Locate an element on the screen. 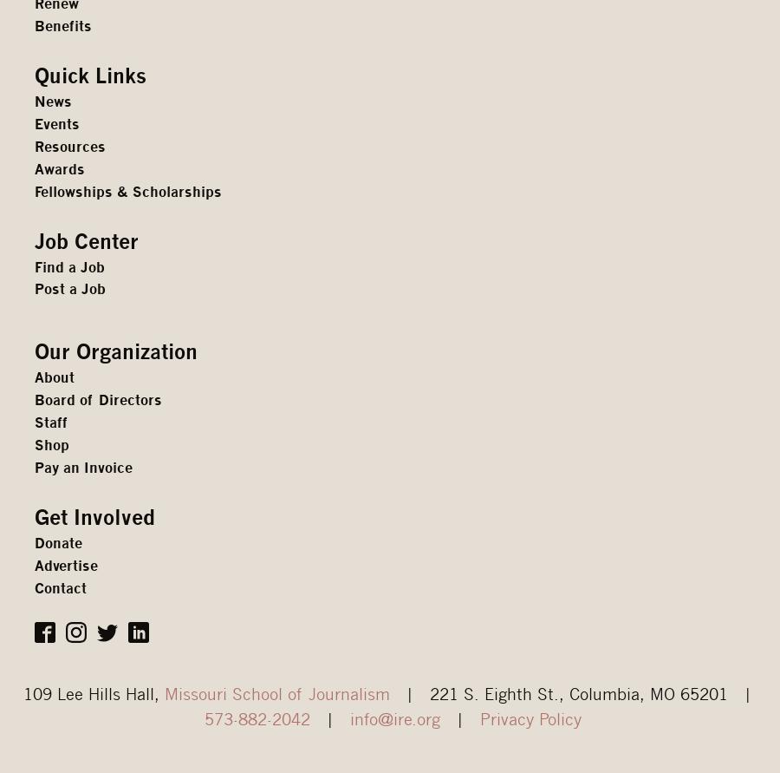 This screenshot has width=780, height=773. 'Our Organization' is located at coordinates (33, 350).